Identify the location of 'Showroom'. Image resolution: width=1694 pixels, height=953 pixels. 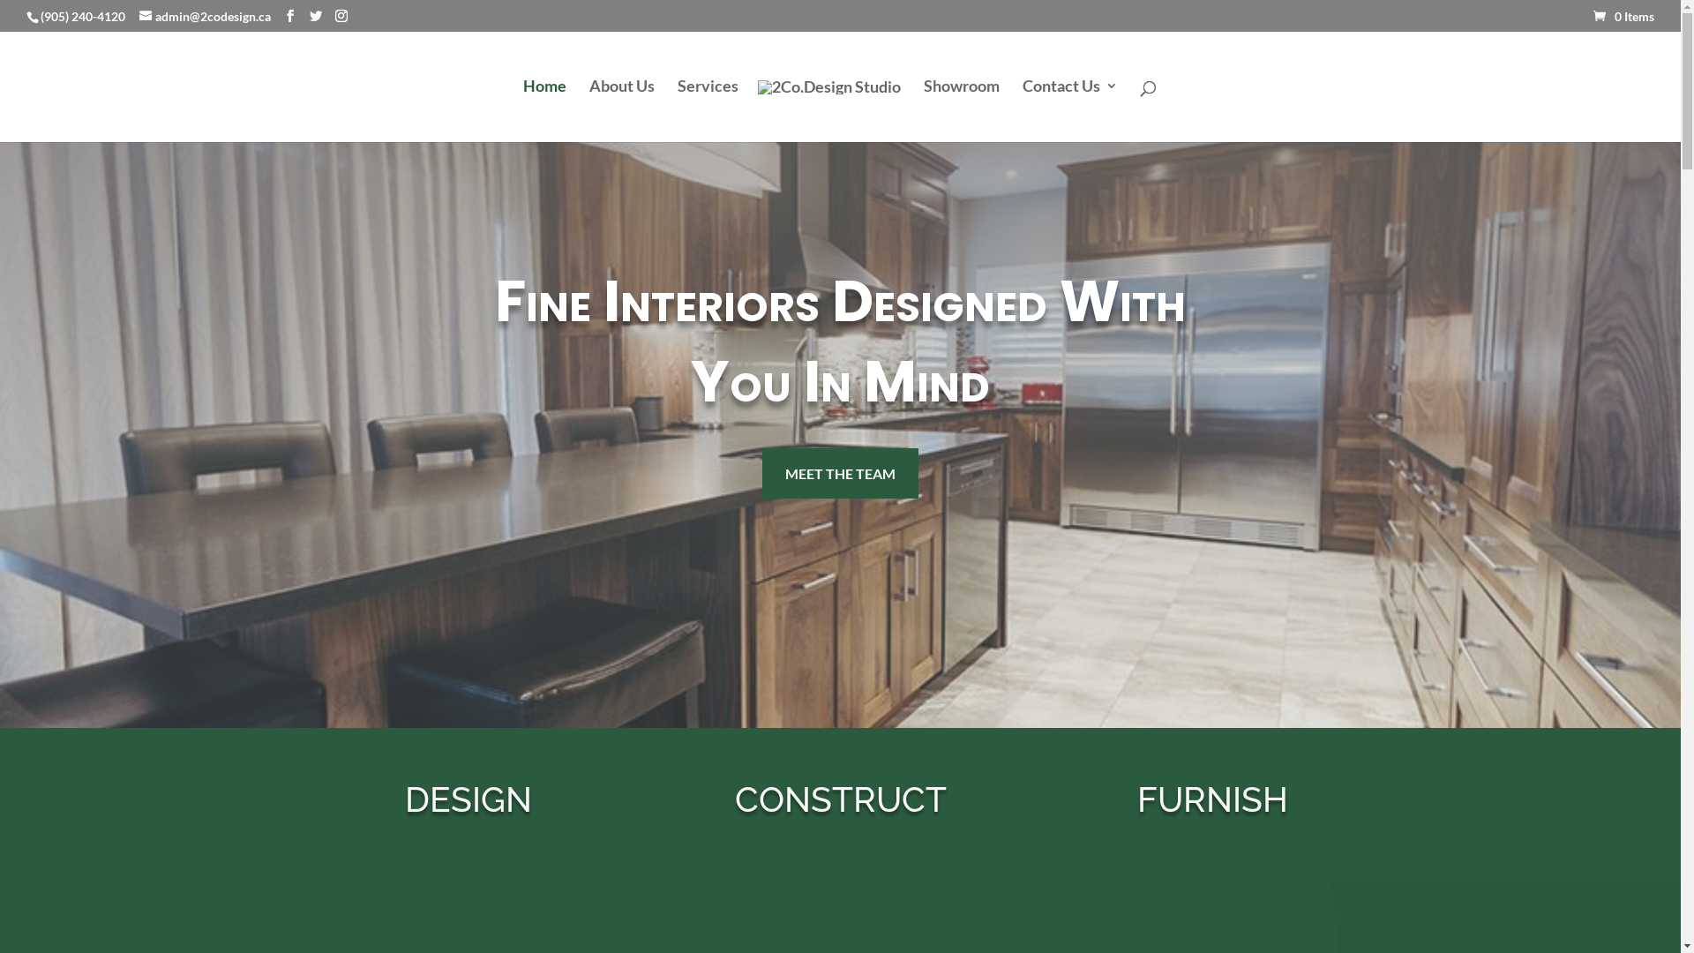
(922, 108).